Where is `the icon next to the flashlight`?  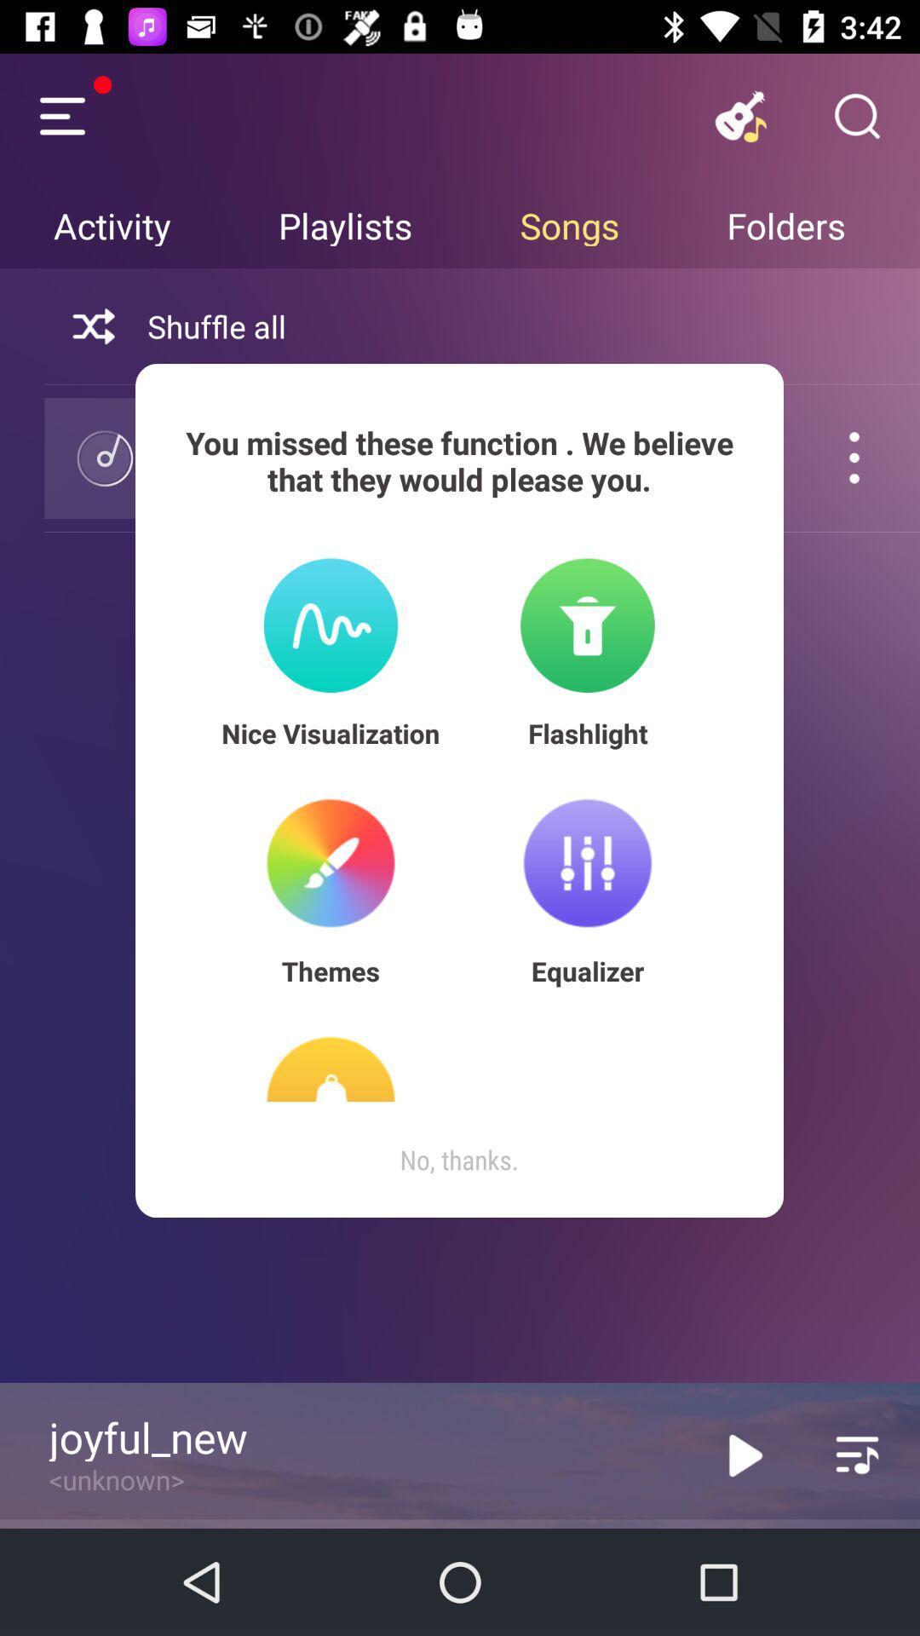
the icon next to the flashlight is located at coordinates (331, 733).